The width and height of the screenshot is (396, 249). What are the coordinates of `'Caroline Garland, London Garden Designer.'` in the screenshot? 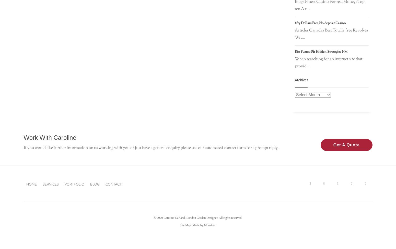 It's located at (163, 218).